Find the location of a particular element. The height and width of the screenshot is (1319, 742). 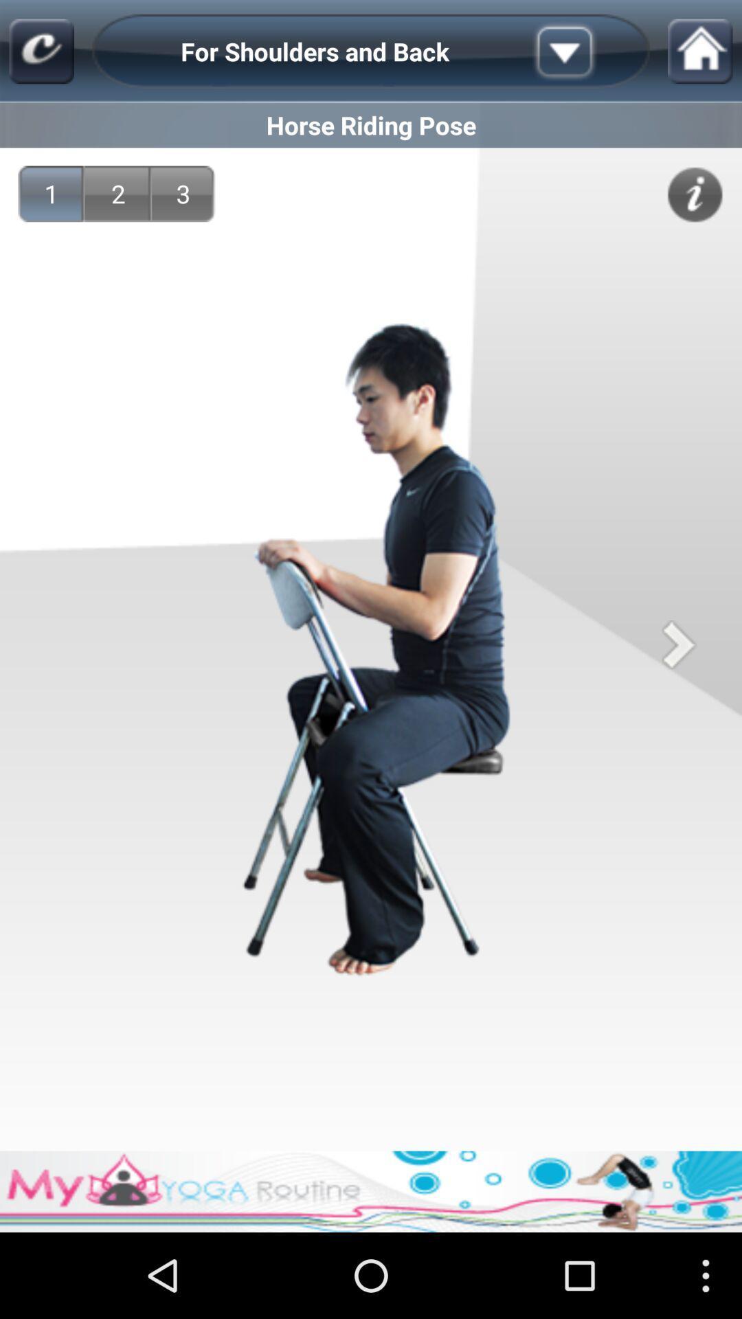

2 app is located at coordinates (117, 193).